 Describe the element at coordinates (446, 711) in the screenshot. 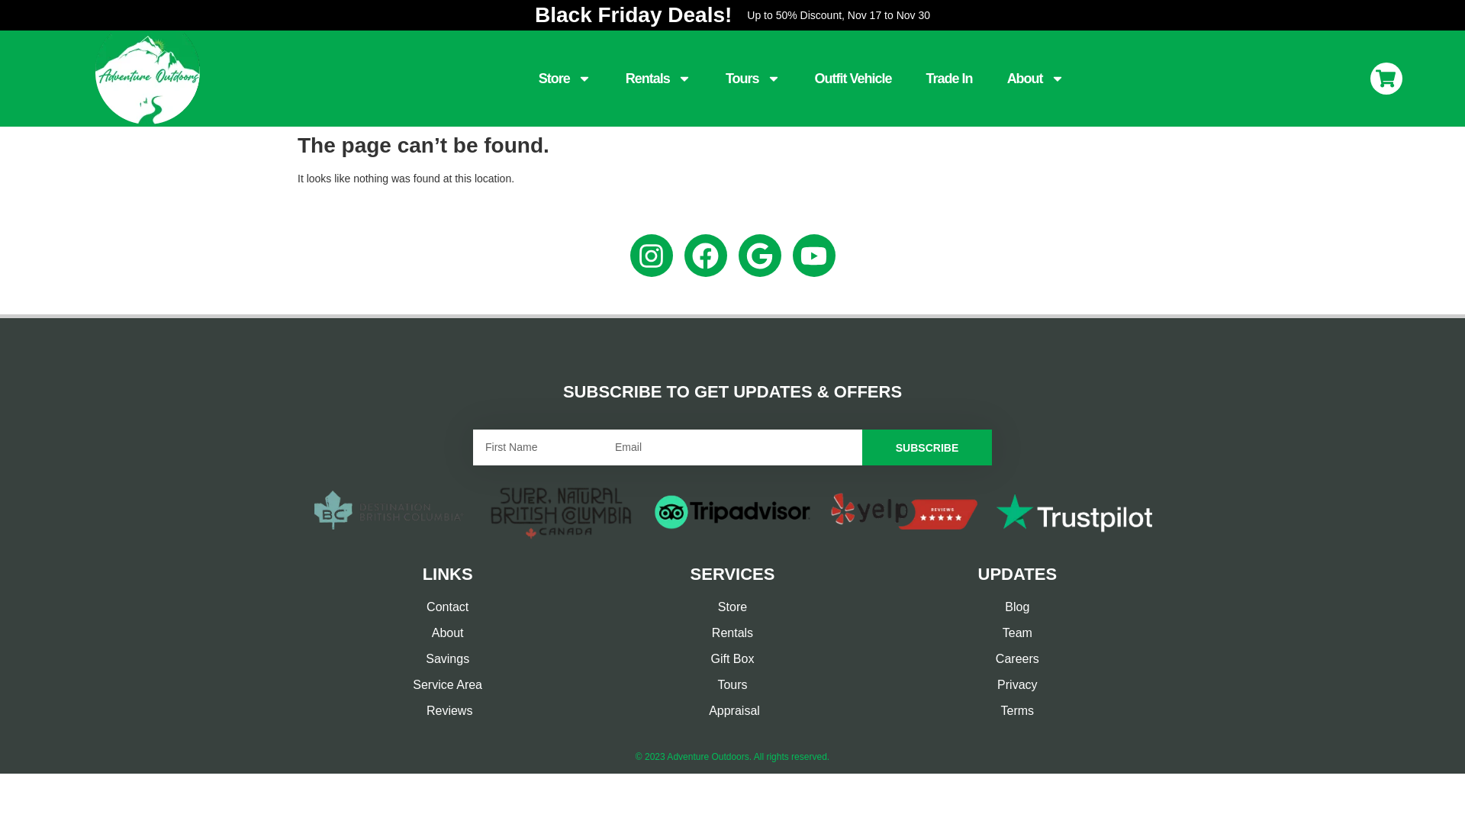

I see `'Reviews'` at that location.